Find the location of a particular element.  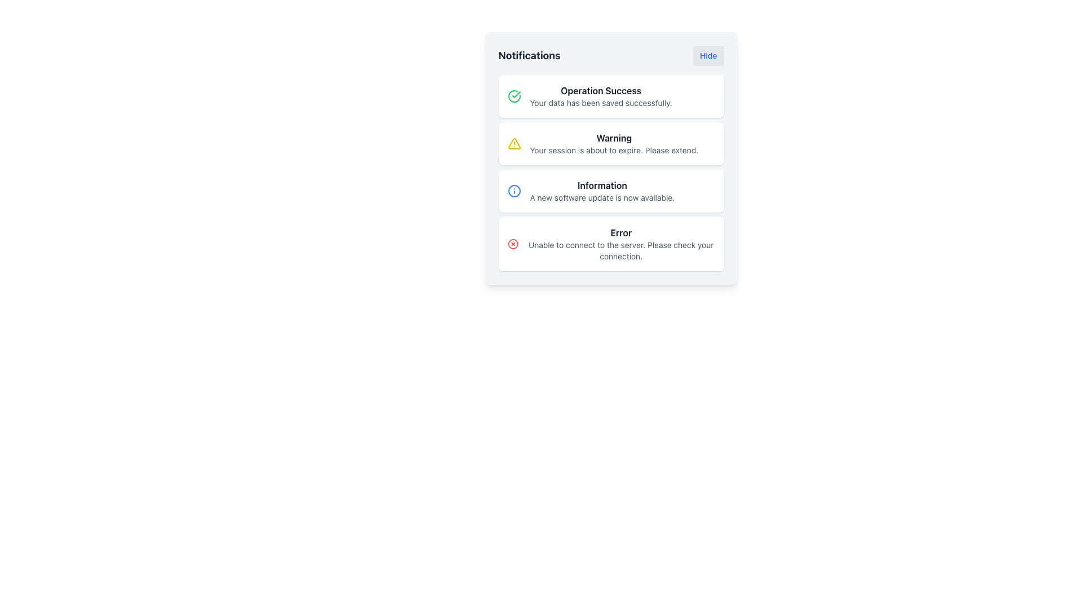

success message located beneath the headline text in the notification card labeled 'Operation Success' is located at coordinates (600, 103).